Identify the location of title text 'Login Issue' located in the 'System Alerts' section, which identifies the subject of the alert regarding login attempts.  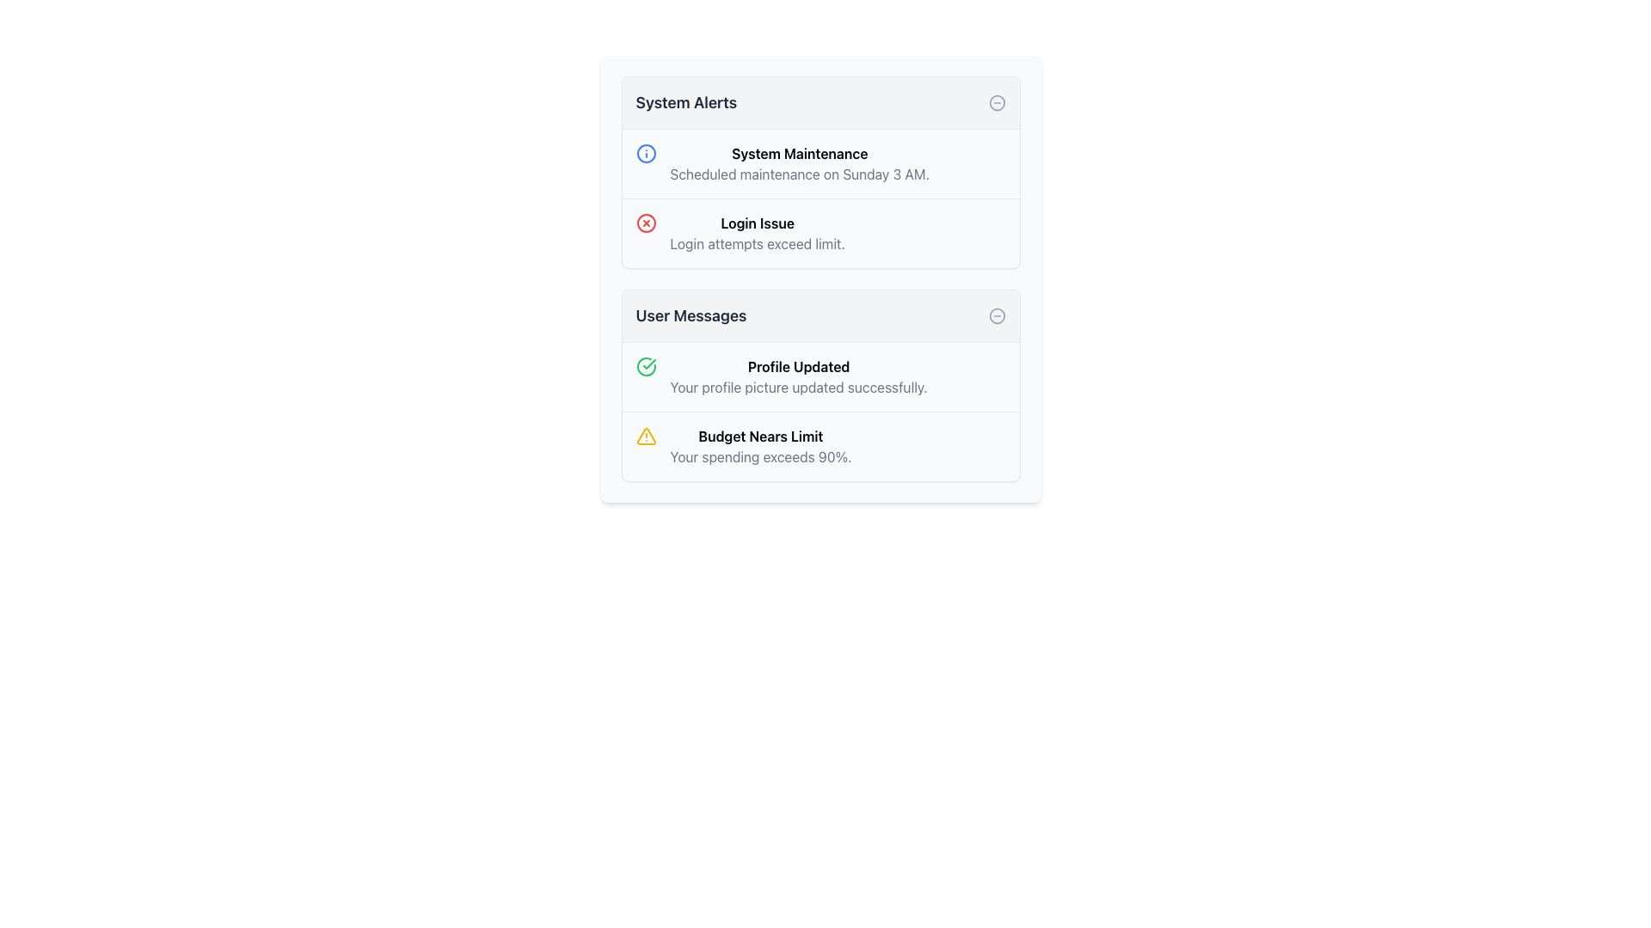
(757, 222).